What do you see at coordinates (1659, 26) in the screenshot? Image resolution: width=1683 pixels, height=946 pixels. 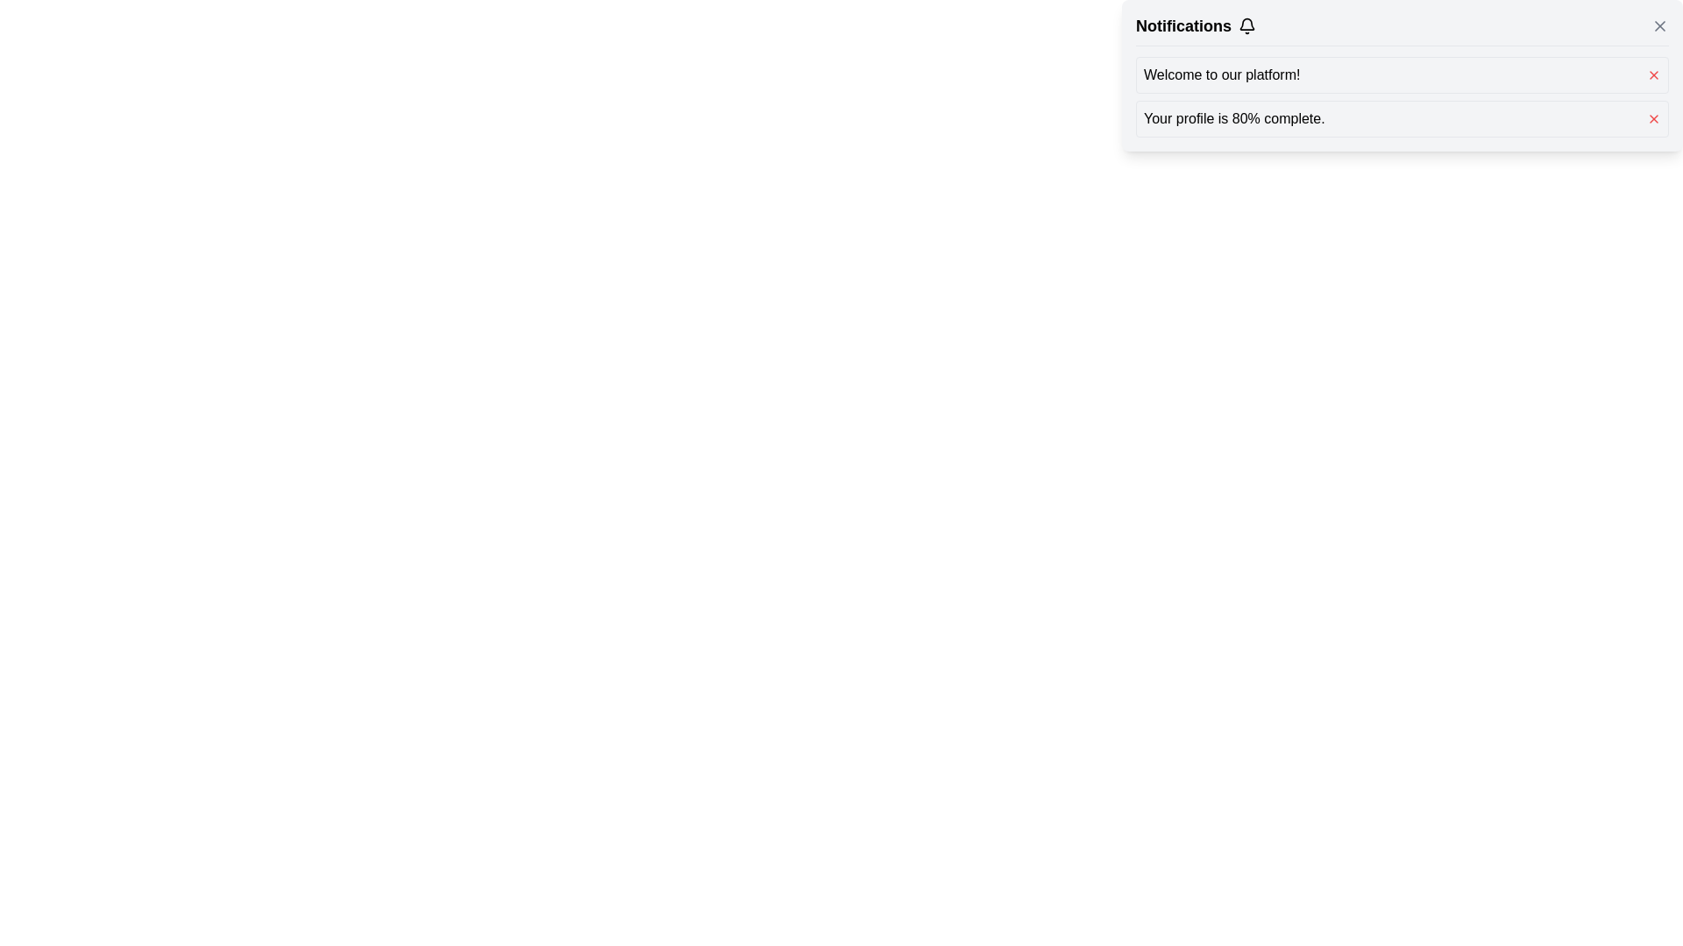 I see `the close (X) button located at the top right corner of the 'Notifications' section` at bounding box center [1659, 26].